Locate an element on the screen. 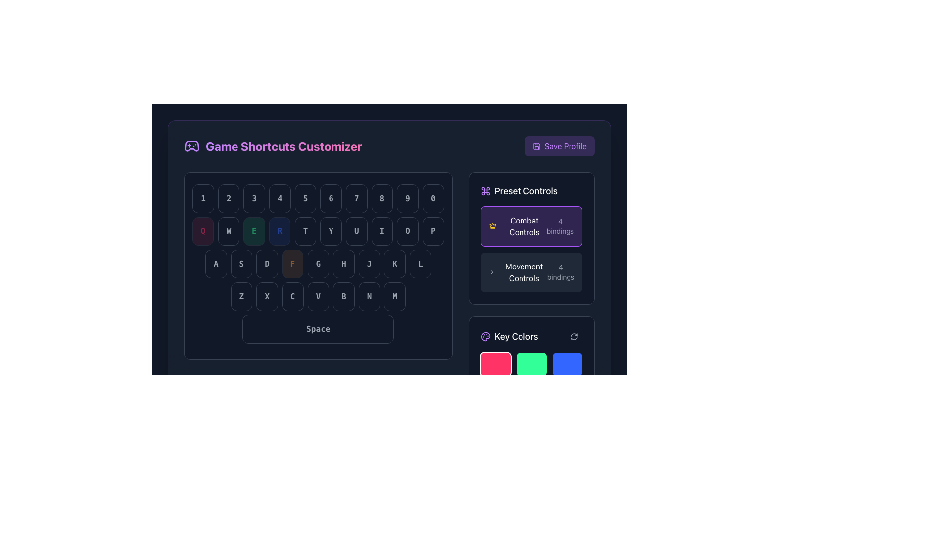  the appearance of the gaming customization icon located in the top-left corner next to the title 'Game Shortcuts Customizer' is located at coordinates (192, 146).